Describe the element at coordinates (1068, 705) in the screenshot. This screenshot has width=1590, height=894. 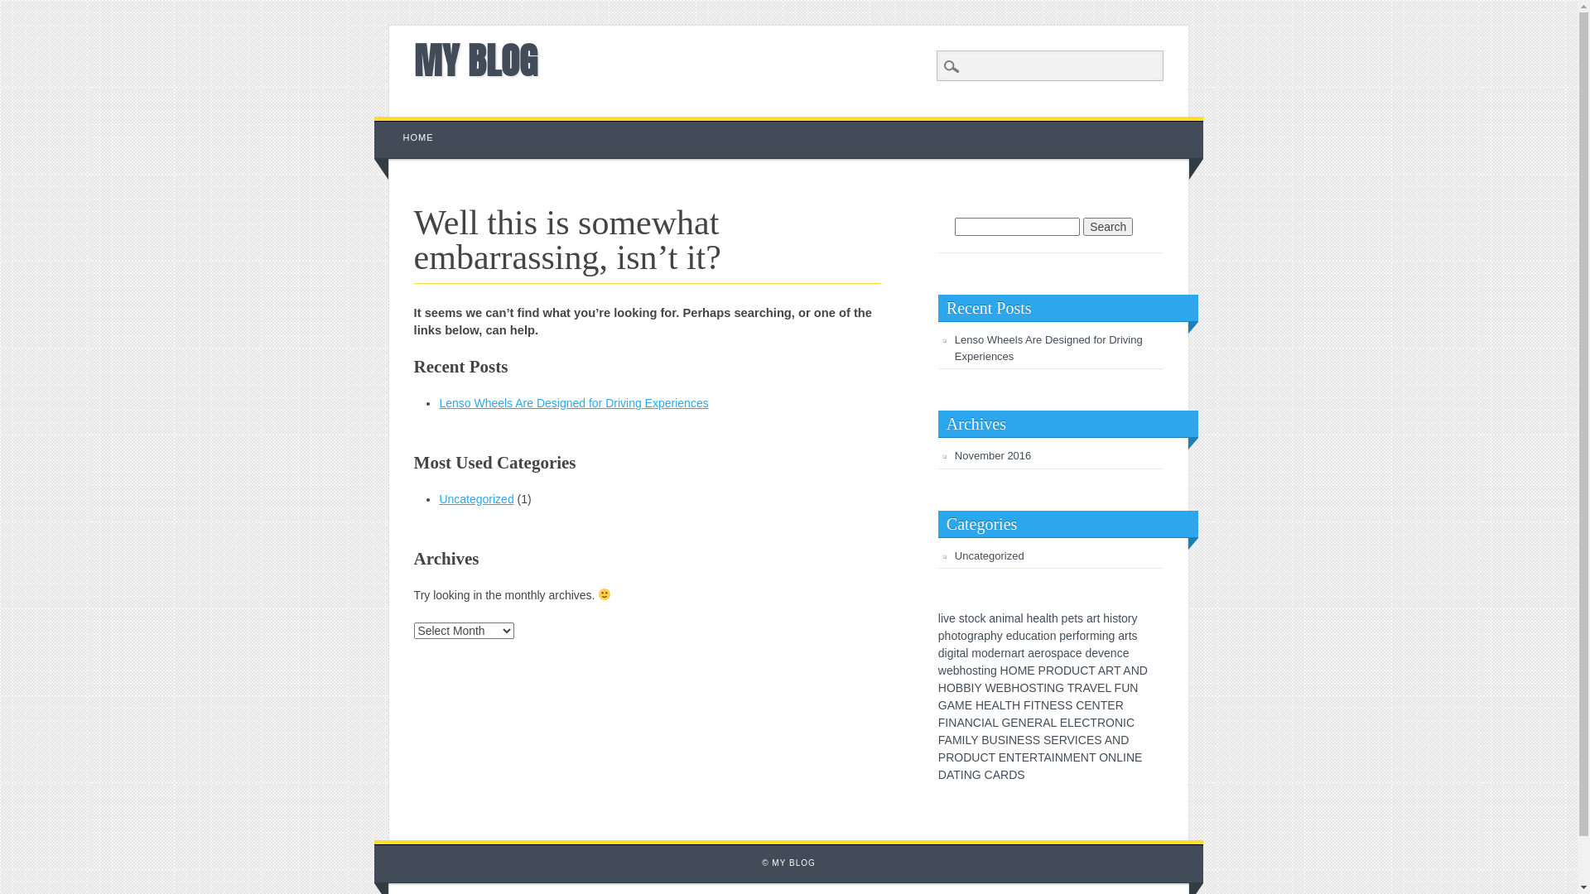
I see `'S'` at that location.